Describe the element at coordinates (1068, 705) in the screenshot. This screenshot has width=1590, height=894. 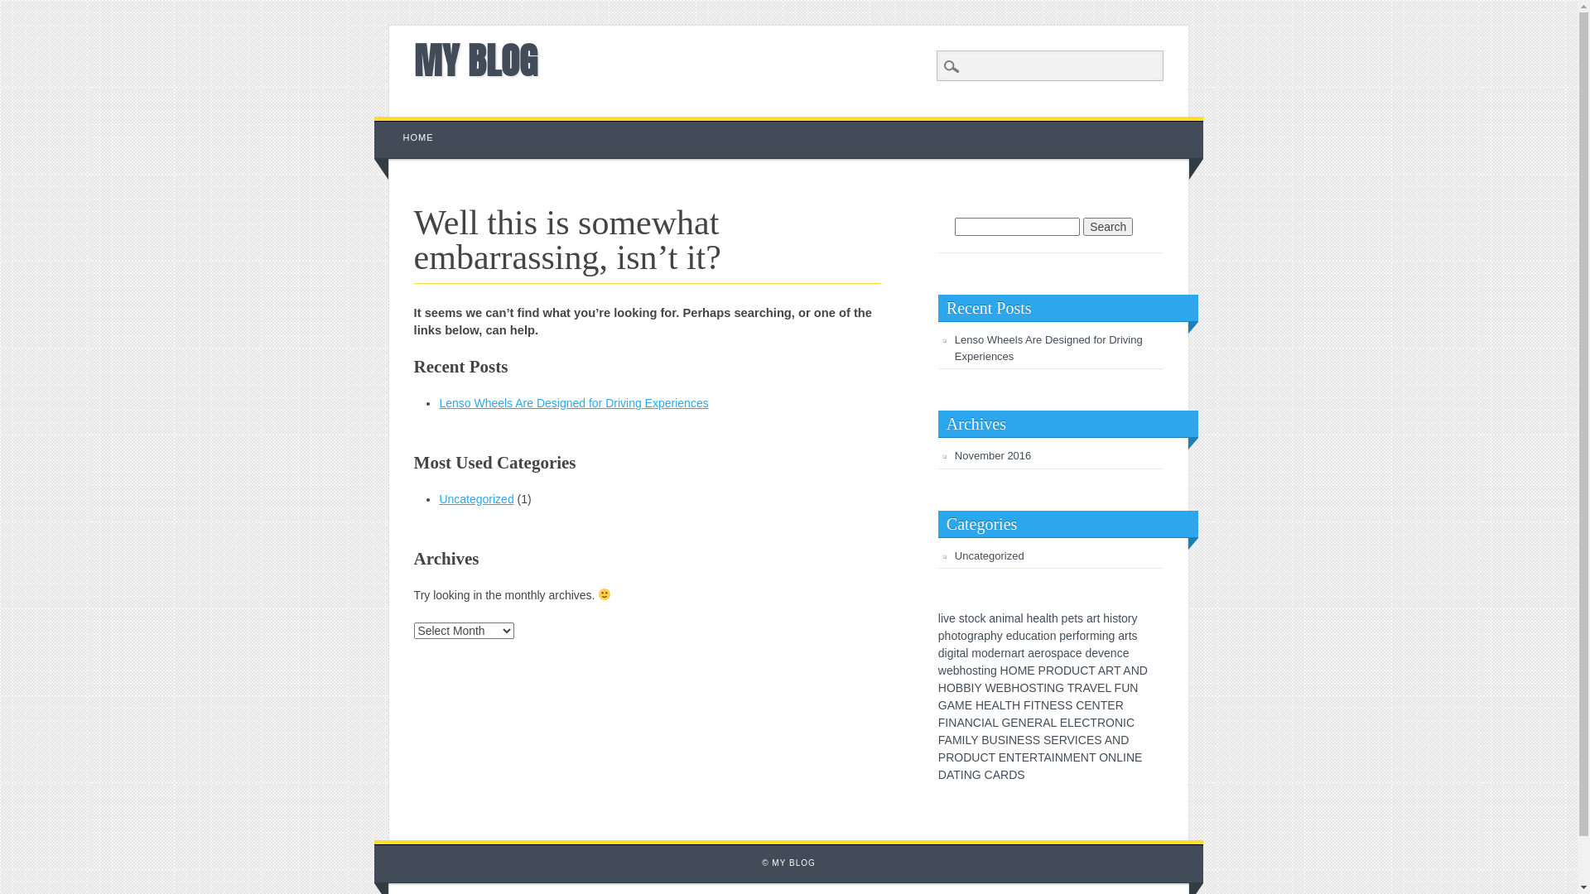
I see `'S'` at that location.